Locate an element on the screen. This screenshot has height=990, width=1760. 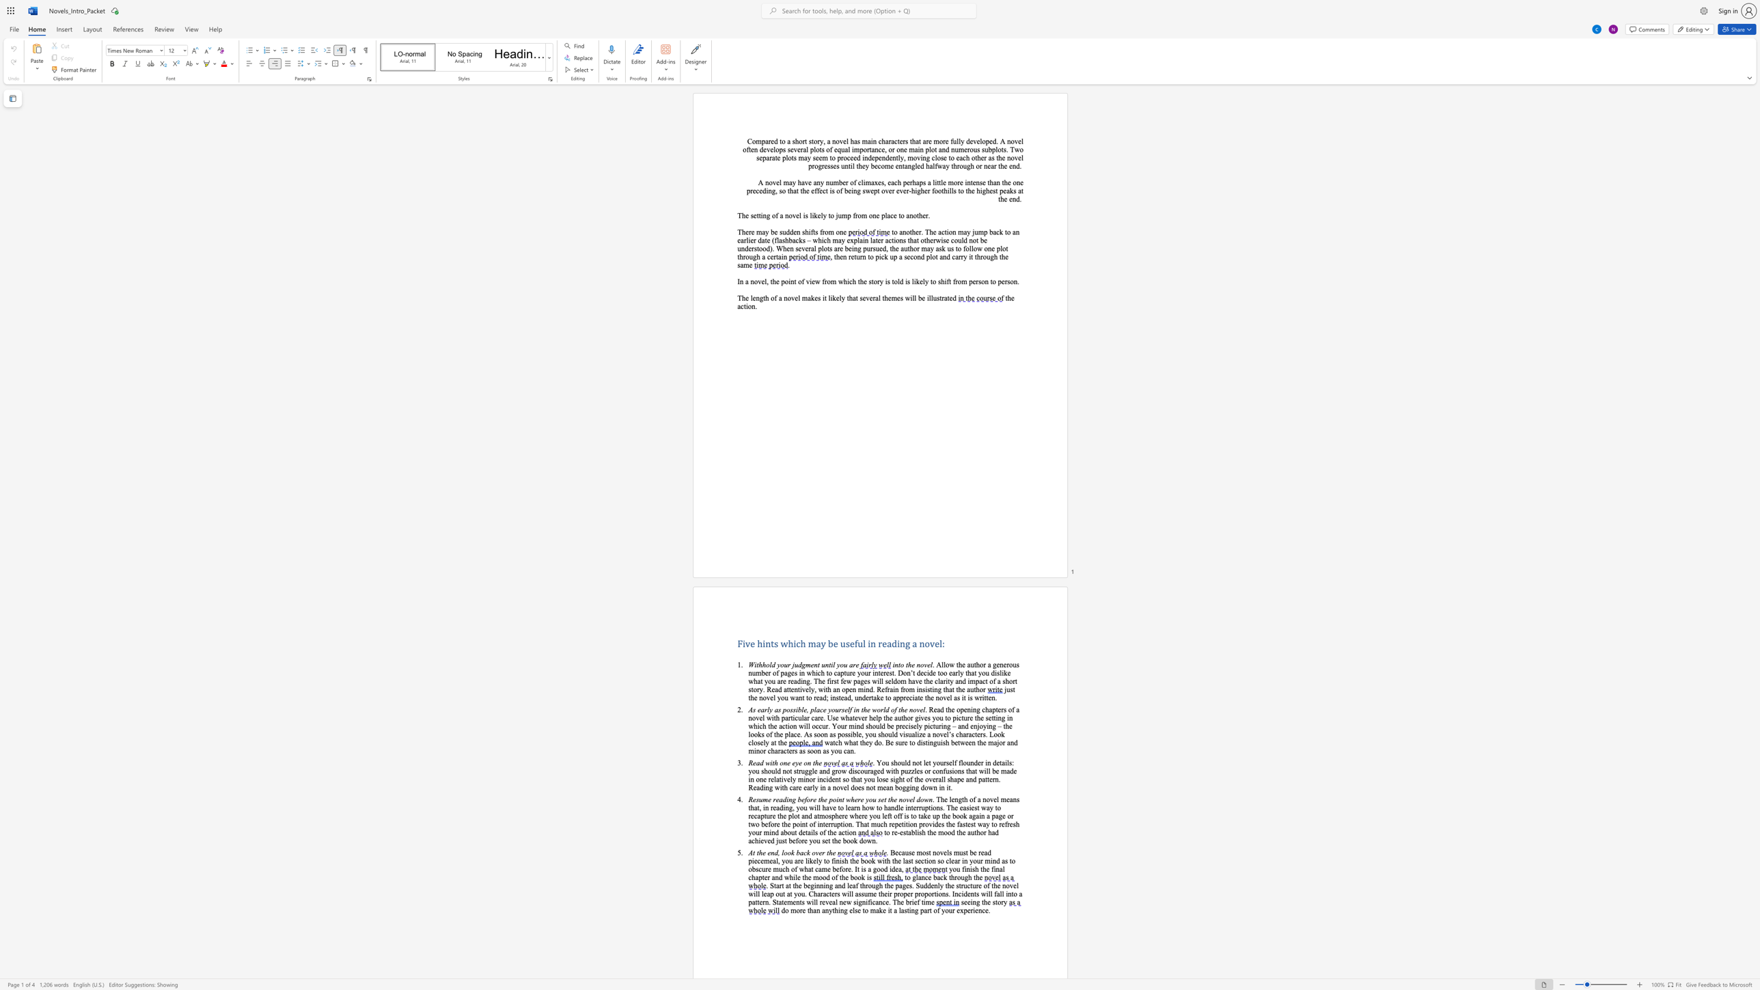
the subset text "ean" within the text "incident so that you lose sight of the overall shape and pattern. Reading with care early in a novel does not mean bogging down in it." is located at coordinates (883, 787).